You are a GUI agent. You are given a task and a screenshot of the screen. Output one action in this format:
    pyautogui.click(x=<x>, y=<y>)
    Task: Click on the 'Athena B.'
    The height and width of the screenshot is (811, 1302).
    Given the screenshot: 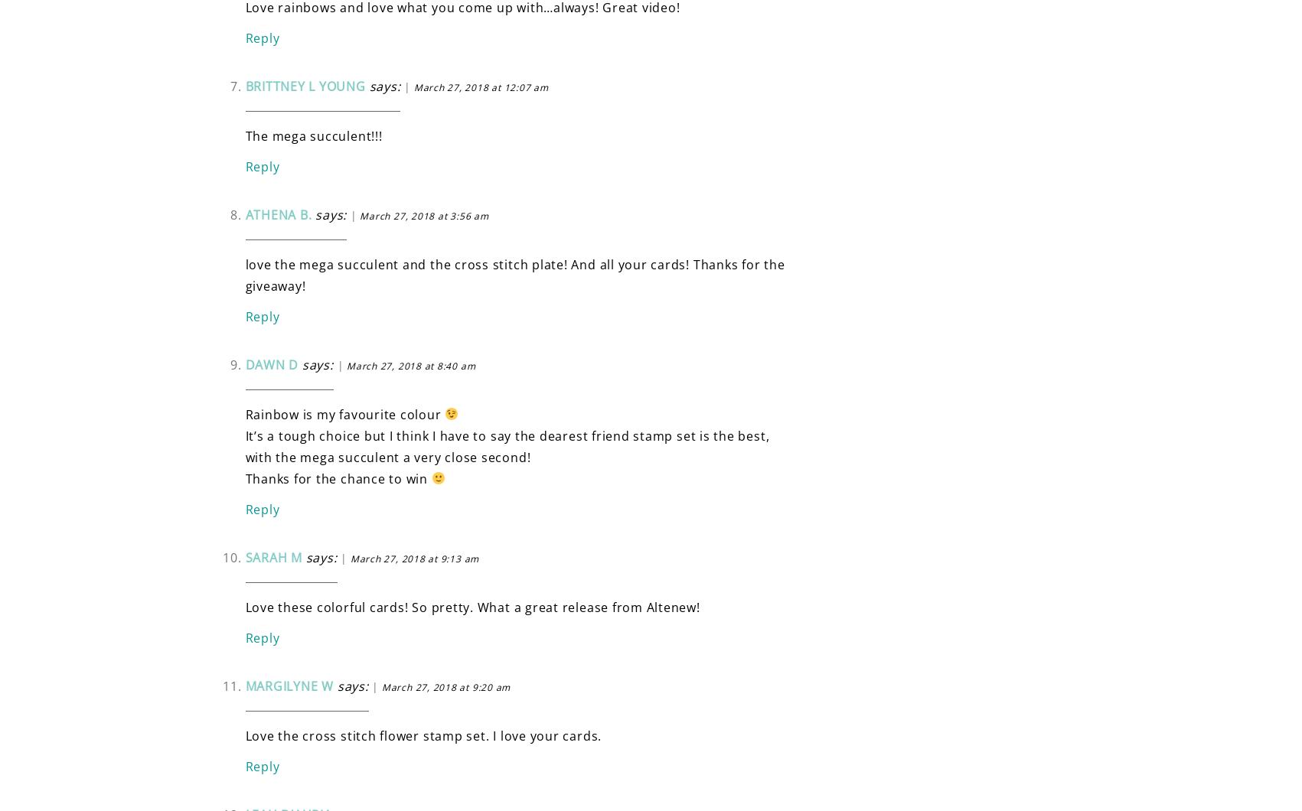 What is the action you would take?
    pyautogui.click(x=278, y=214)
    